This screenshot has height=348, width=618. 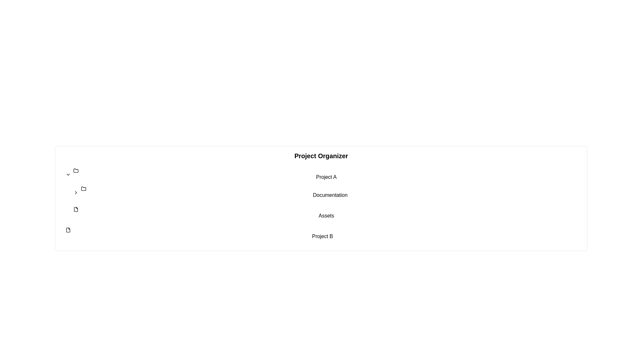 What do you see at coordinates (83, 188) in the screenshot?
I see `the folder icon representing 'Documentation' to view its contents` at bounding box center [83, 188].